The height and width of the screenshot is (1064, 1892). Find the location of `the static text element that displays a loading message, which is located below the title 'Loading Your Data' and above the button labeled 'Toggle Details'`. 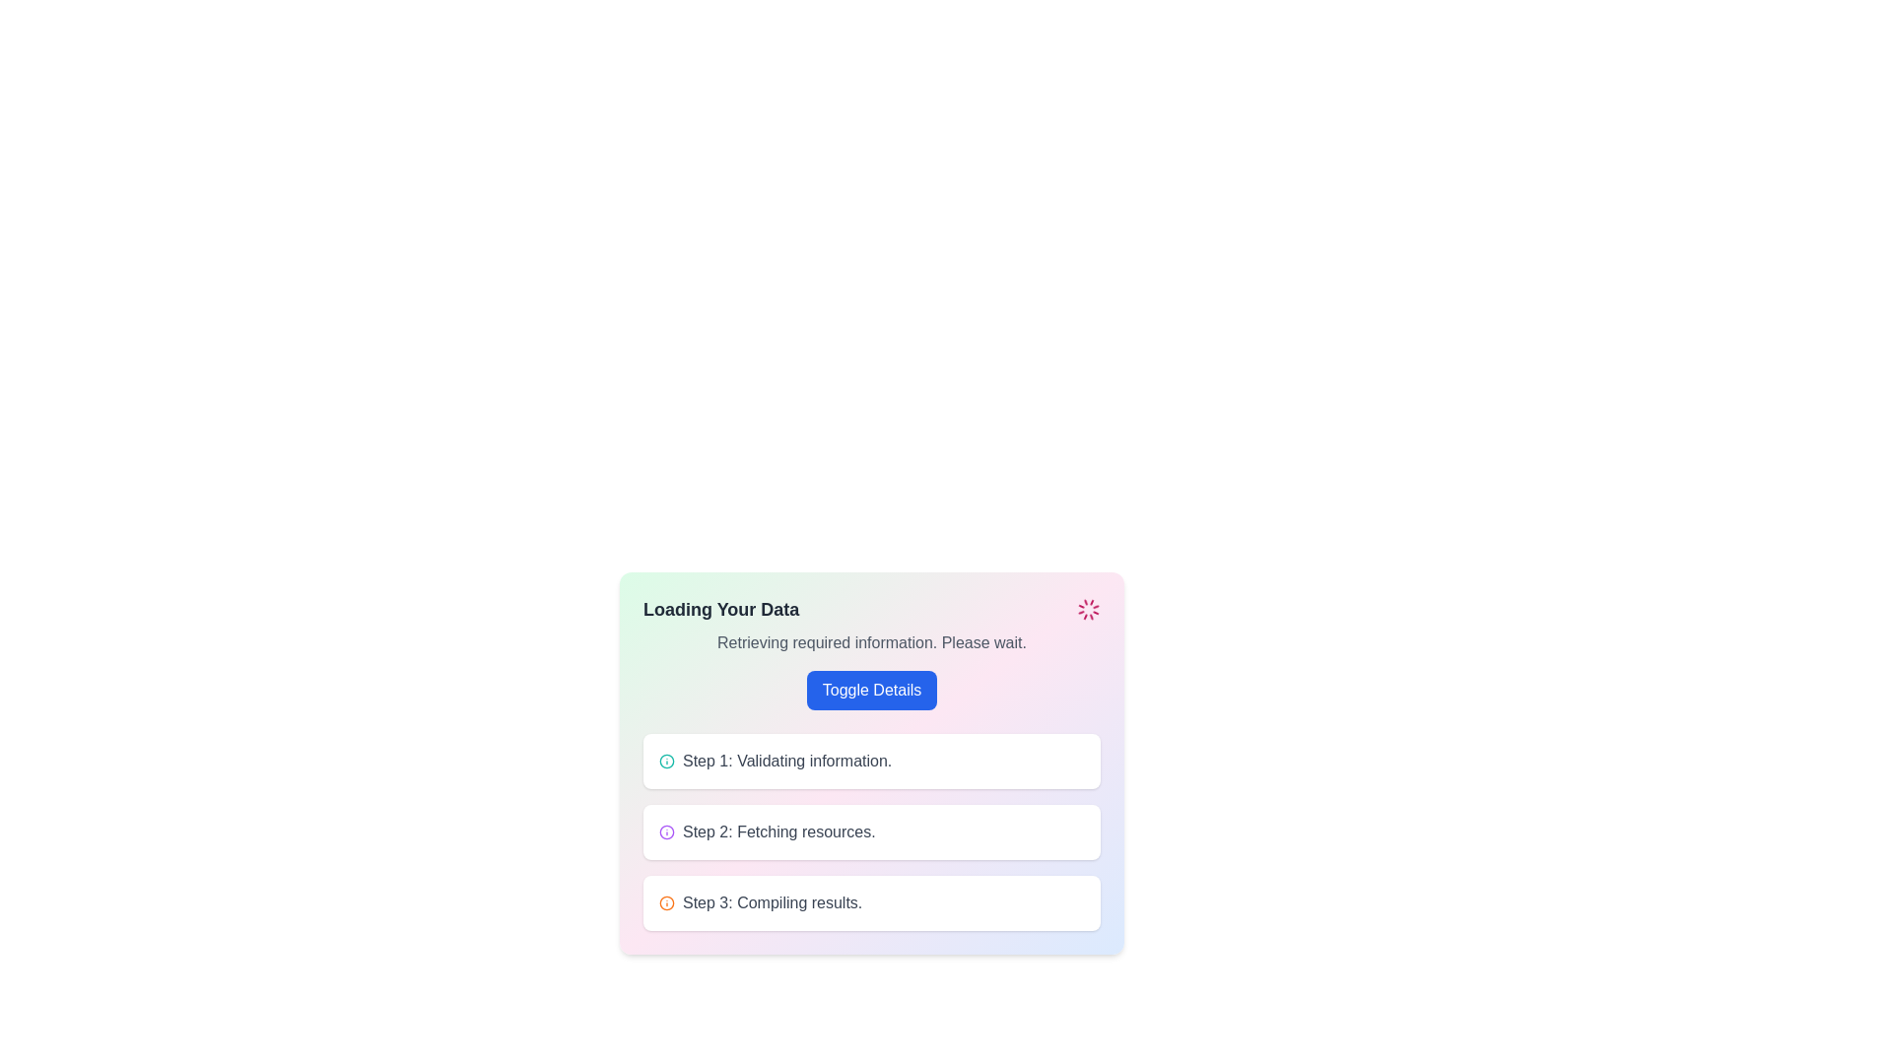

the static text element that displays a loading message, which is located below the title 'Loading Your Data' and above the button labeled 'Toggle Details' is located at coordinates (870, 642).